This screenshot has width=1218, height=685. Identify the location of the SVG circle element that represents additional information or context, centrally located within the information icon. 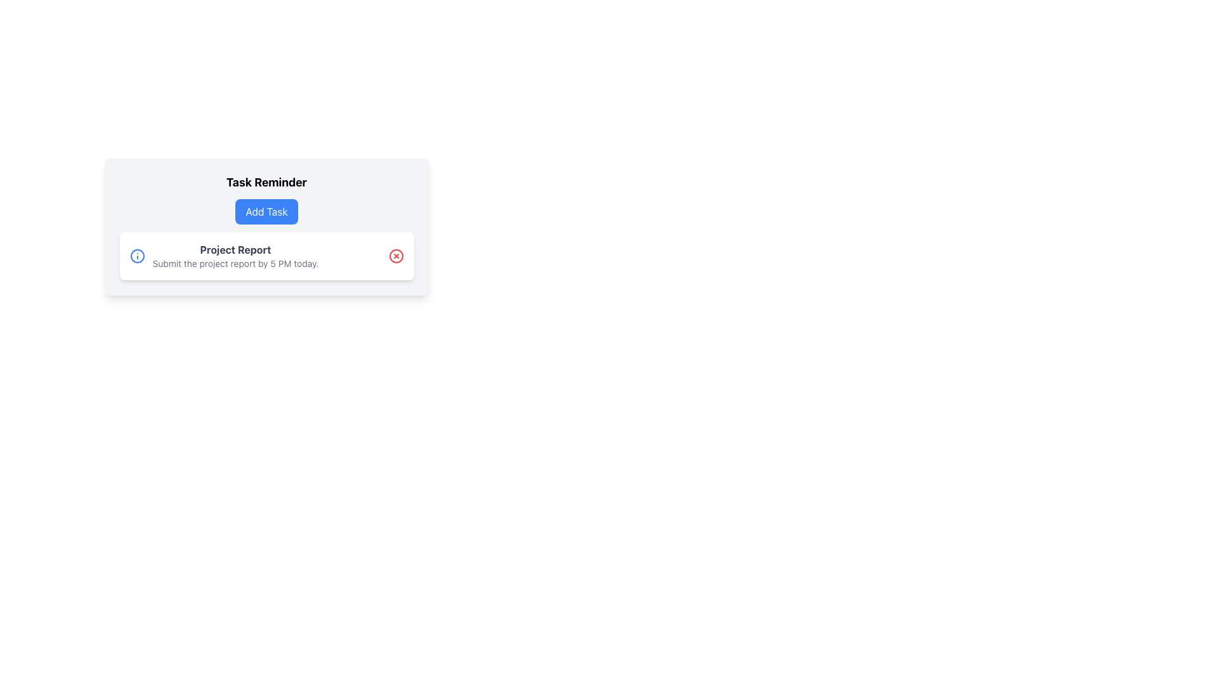
(137, 256).